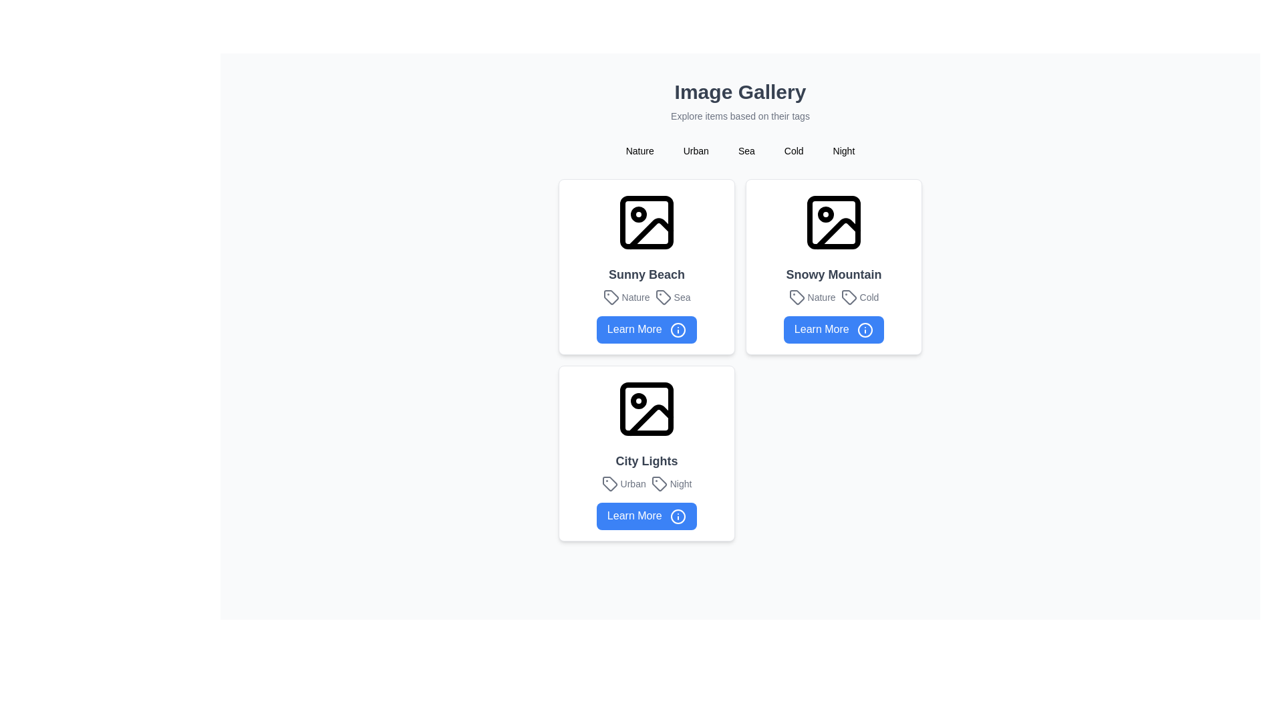 The width and height of the screenshot is (1283, 722). I want to click on the Text label with icons located below the 'City Lights' heading and above the blue 'Learn More' button in the 'City Lights' card, so click(647, 483).